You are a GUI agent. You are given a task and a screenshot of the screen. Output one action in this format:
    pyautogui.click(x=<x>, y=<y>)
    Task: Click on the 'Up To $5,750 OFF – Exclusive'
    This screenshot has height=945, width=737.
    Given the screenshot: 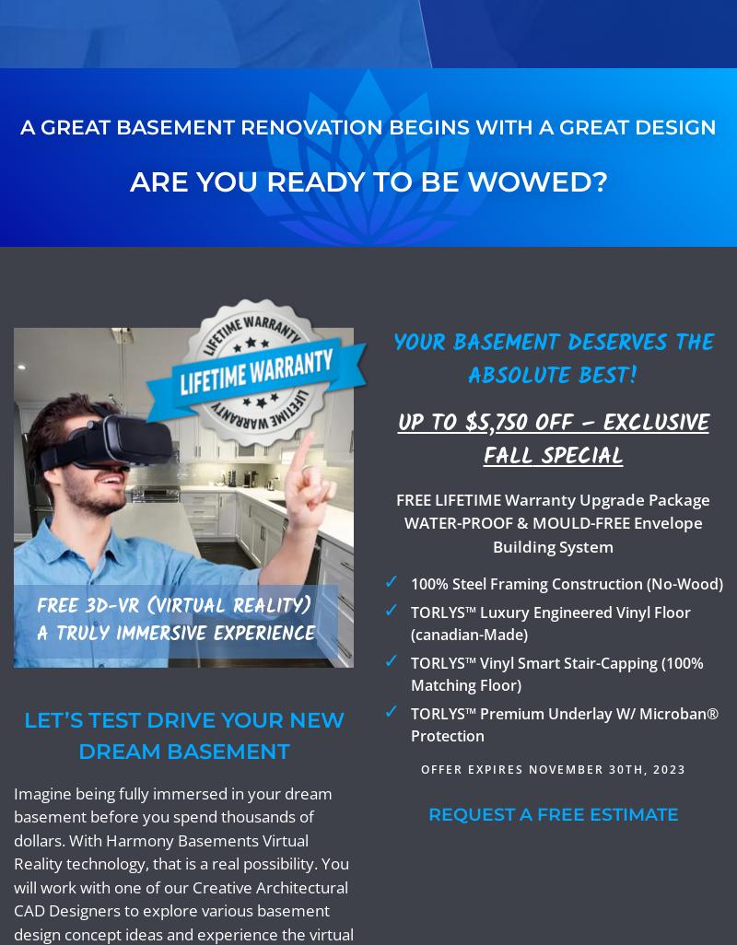 What is the action you would take?
    pyautogui.click(x=553, y=423)
    